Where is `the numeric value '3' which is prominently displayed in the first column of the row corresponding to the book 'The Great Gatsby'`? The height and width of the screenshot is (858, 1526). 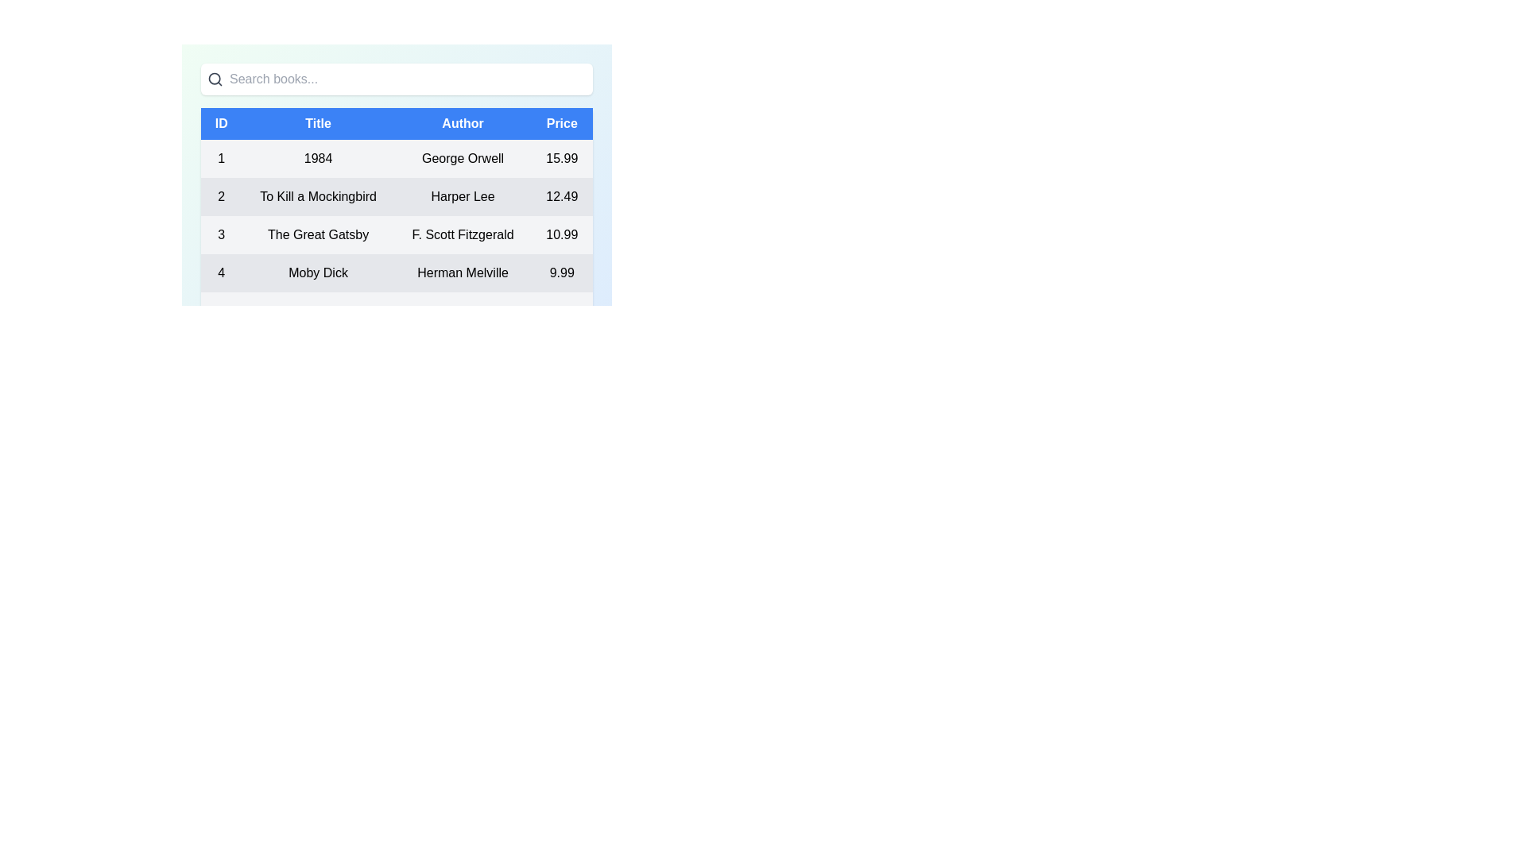 the numeric value '3' which is prominently displayed in the first column of the row corresponding to the book 'The Great Gatsby' is located at coordinates (220, 235).